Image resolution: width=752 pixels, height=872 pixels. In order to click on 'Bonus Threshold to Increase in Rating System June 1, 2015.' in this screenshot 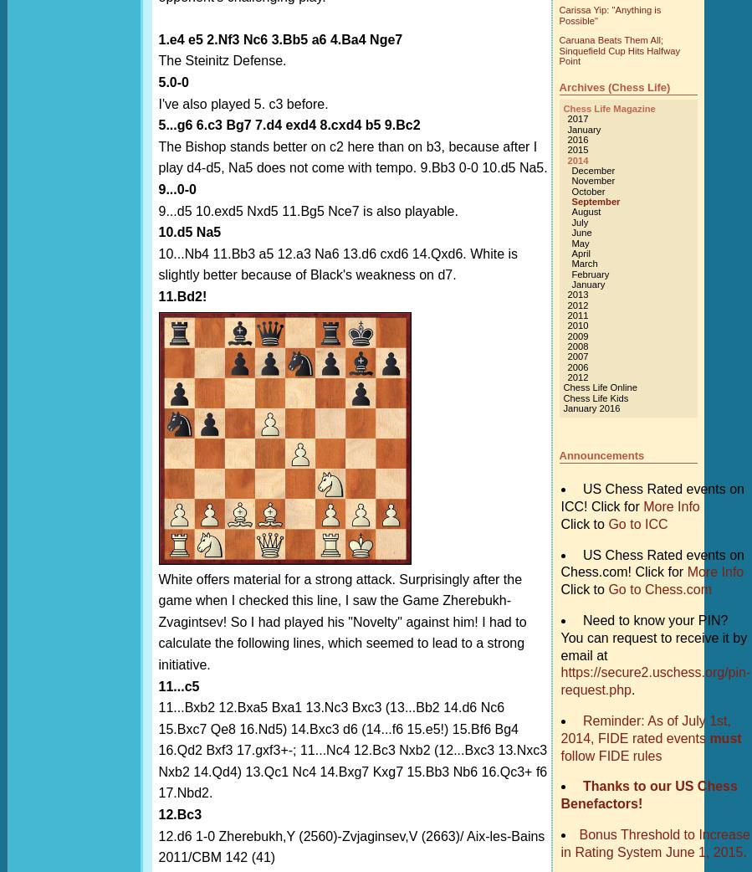, I will do `click(655, 842)`.